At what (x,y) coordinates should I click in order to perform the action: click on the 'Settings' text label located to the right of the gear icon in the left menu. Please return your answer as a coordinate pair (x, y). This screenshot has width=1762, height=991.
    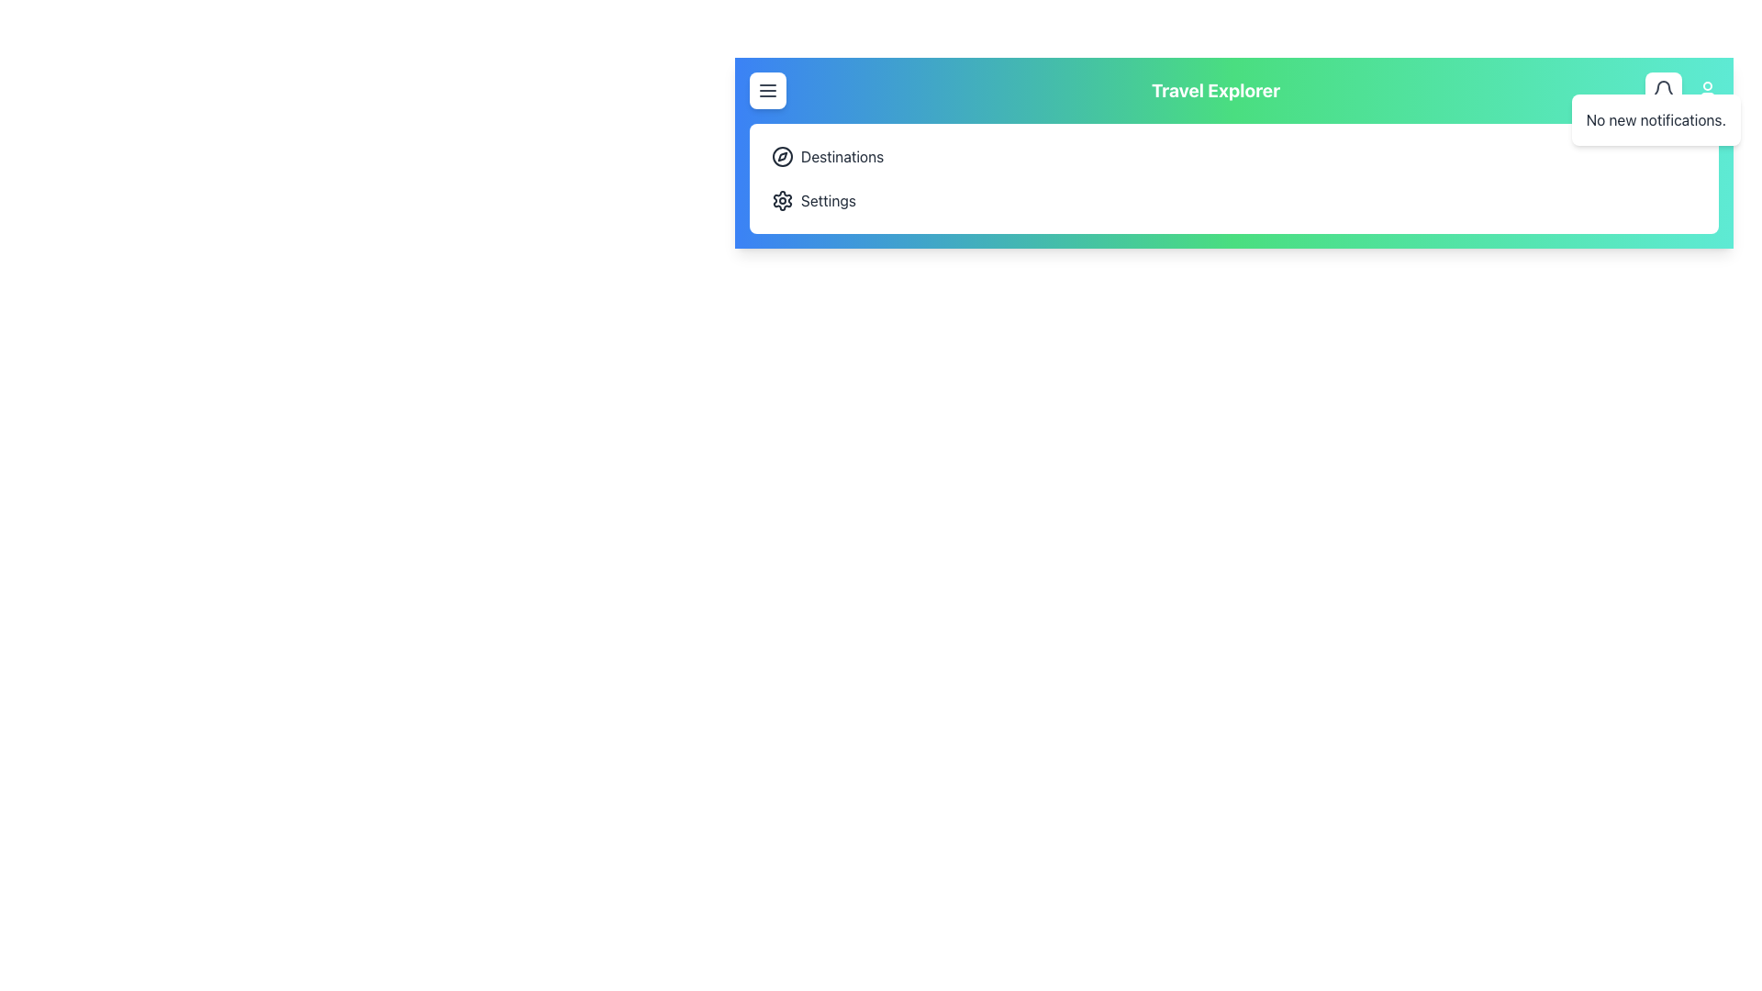
    Looking at the image, I should click on (827, 201).